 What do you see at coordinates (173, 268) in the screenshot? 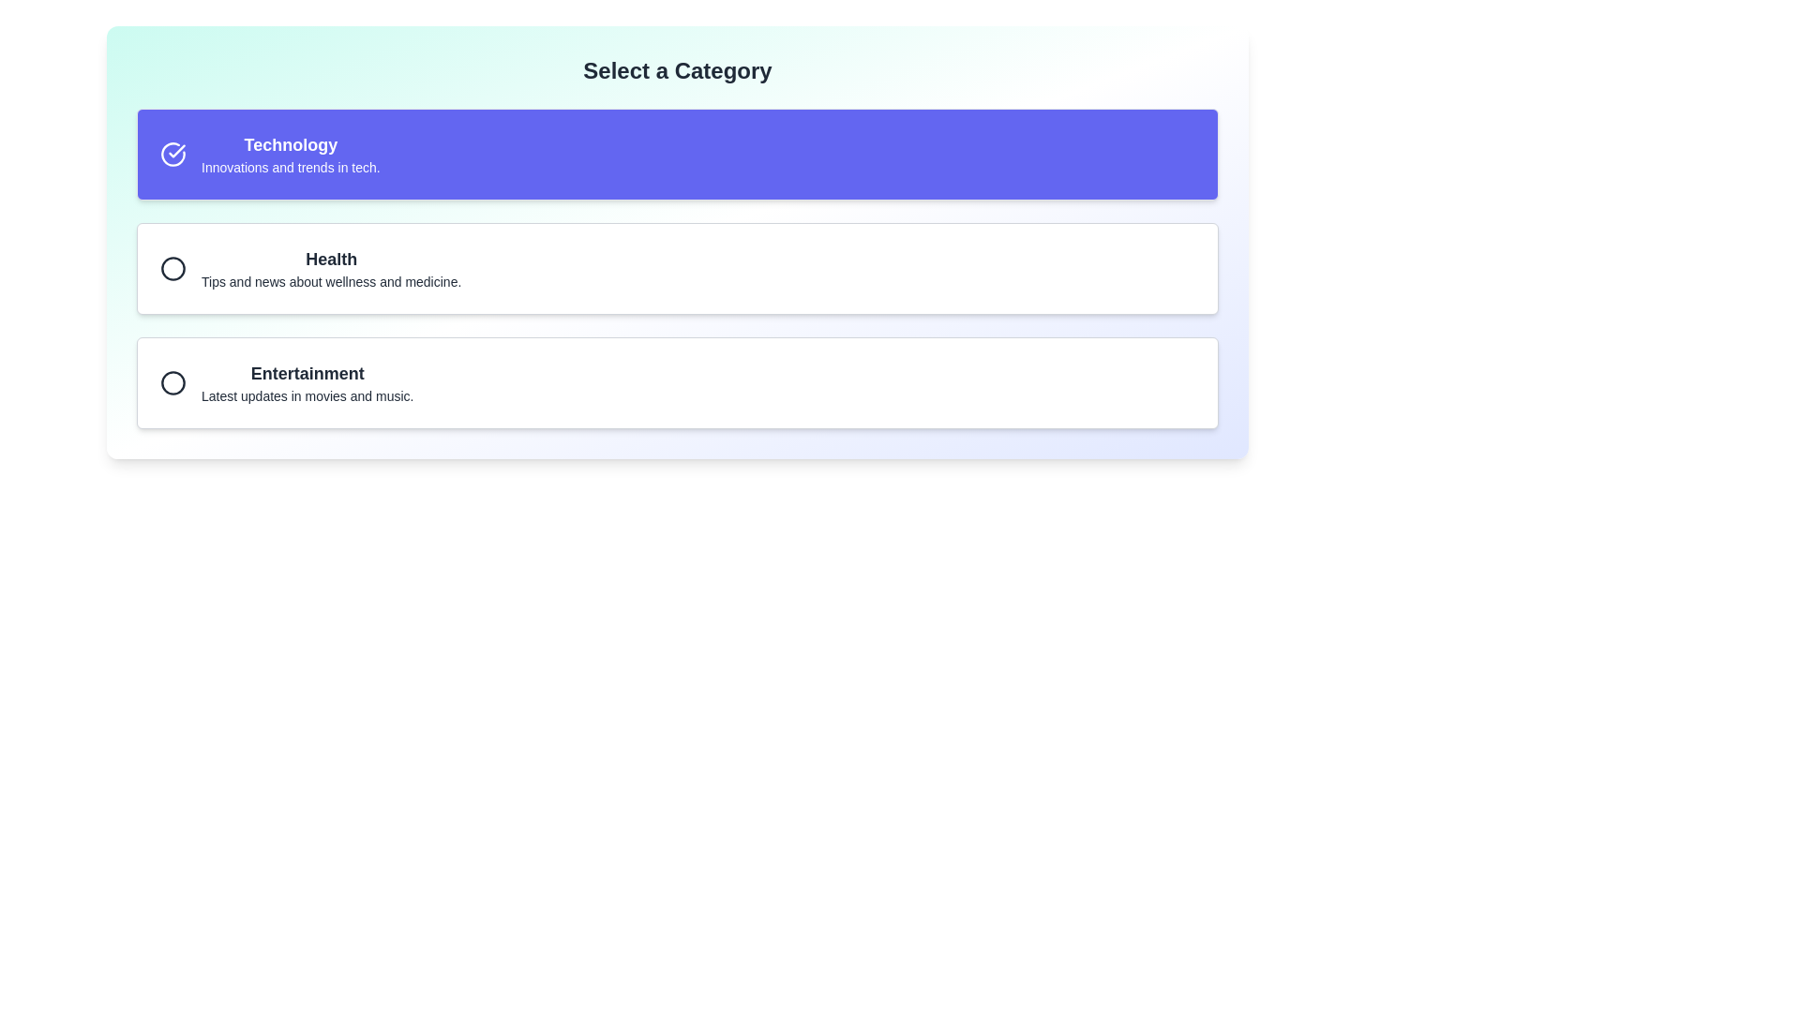
I see `the decorative marker icon located to the left of the 'Health' title in the category list` at bounding box center [173, 268].